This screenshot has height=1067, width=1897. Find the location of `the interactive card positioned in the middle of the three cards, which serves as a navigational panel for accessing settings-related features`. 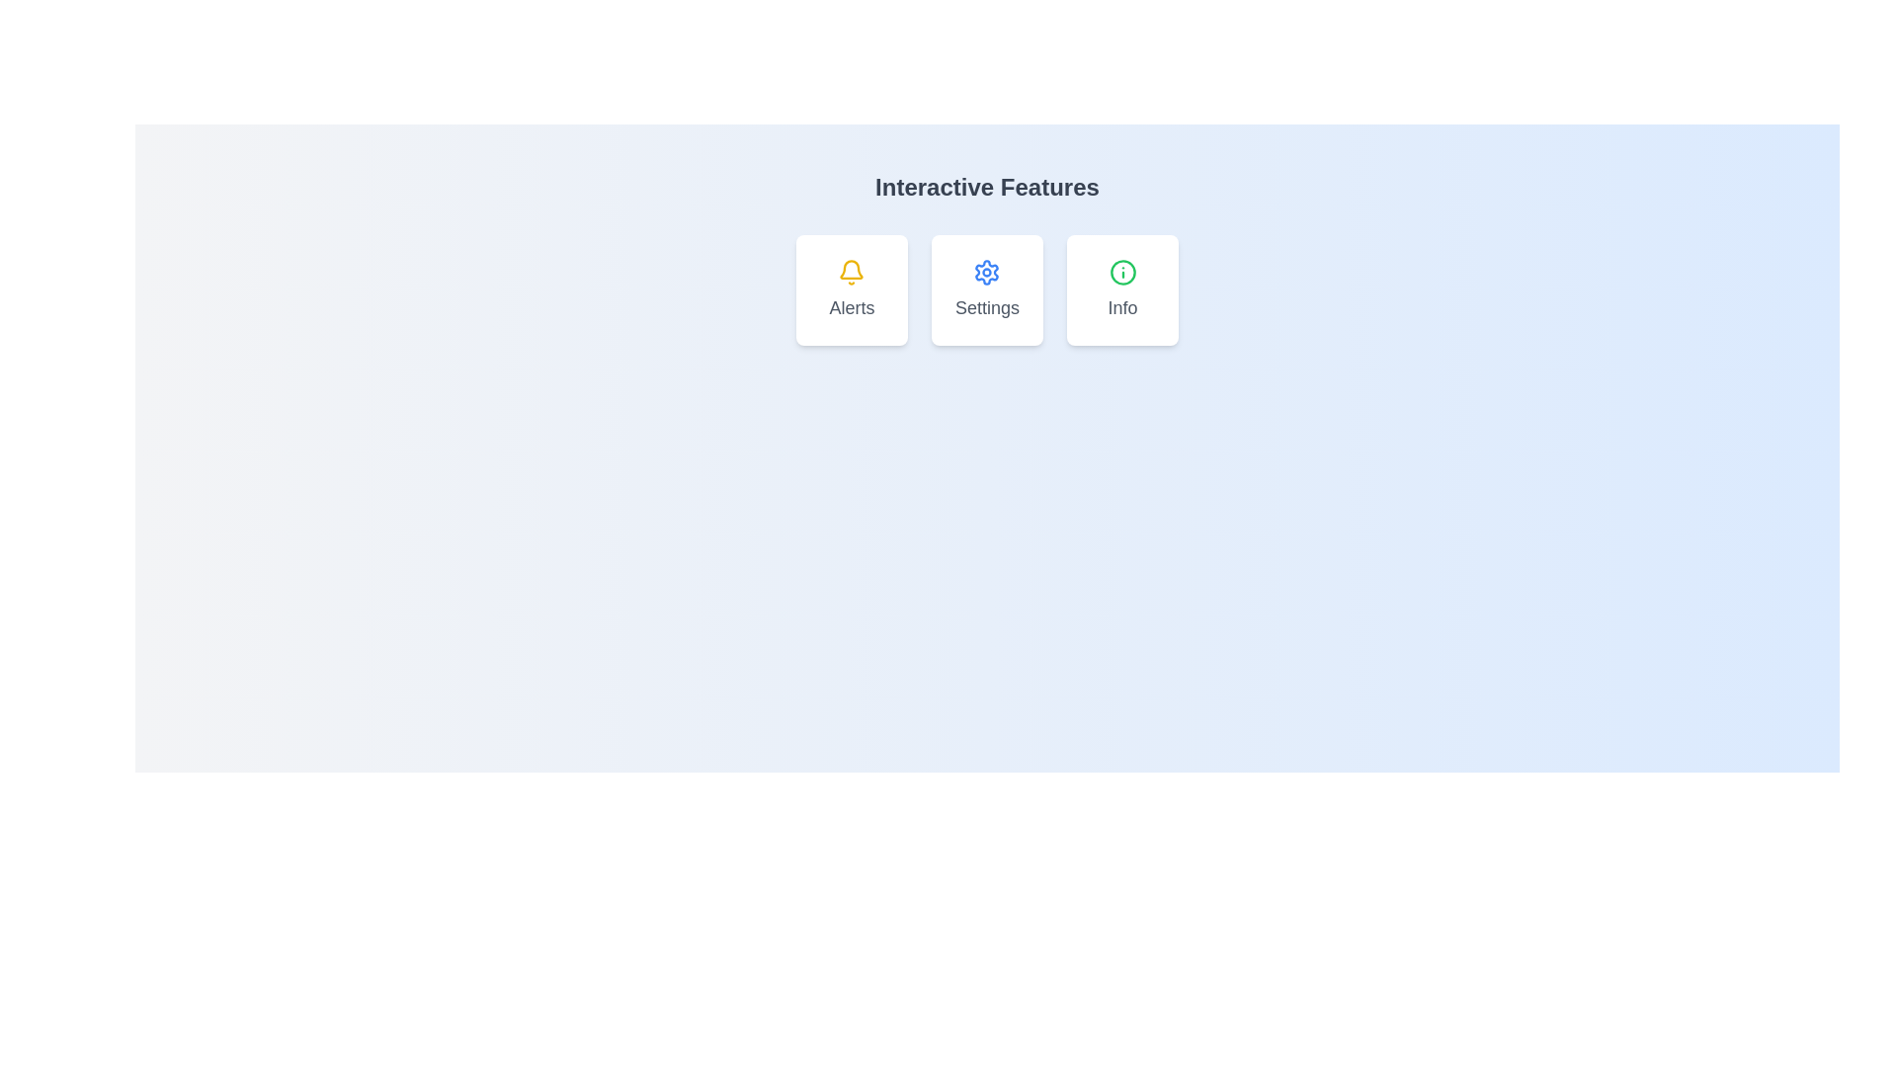

the interactive card positioned in the middle of the three cards, which serves as a navigational panel for accessing settings-related features is located at coordinates (987, 289).